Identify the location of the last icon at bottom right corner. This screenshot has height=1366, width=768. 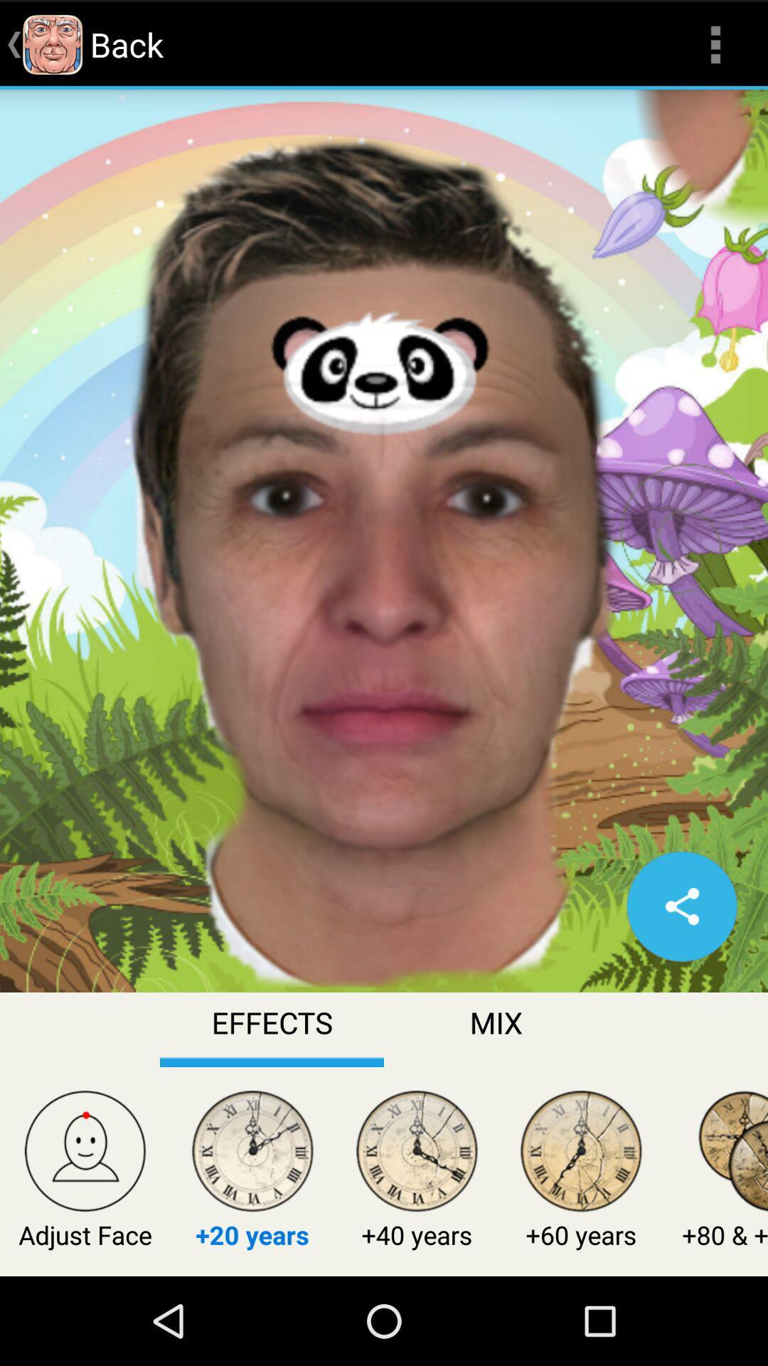
(732, 1154).